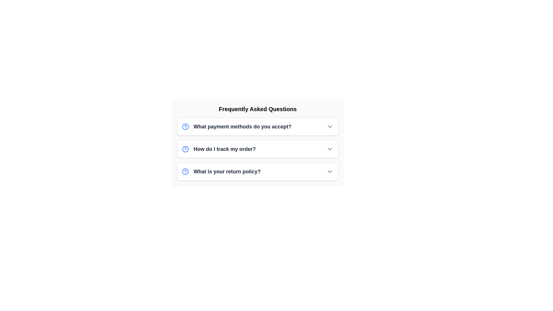 This screenshot has height=311, width=553. I want to click on the Collapsible FAQ item labeled 'How do I track my order?' to toggle its expansion quickly, so click(257, 149).